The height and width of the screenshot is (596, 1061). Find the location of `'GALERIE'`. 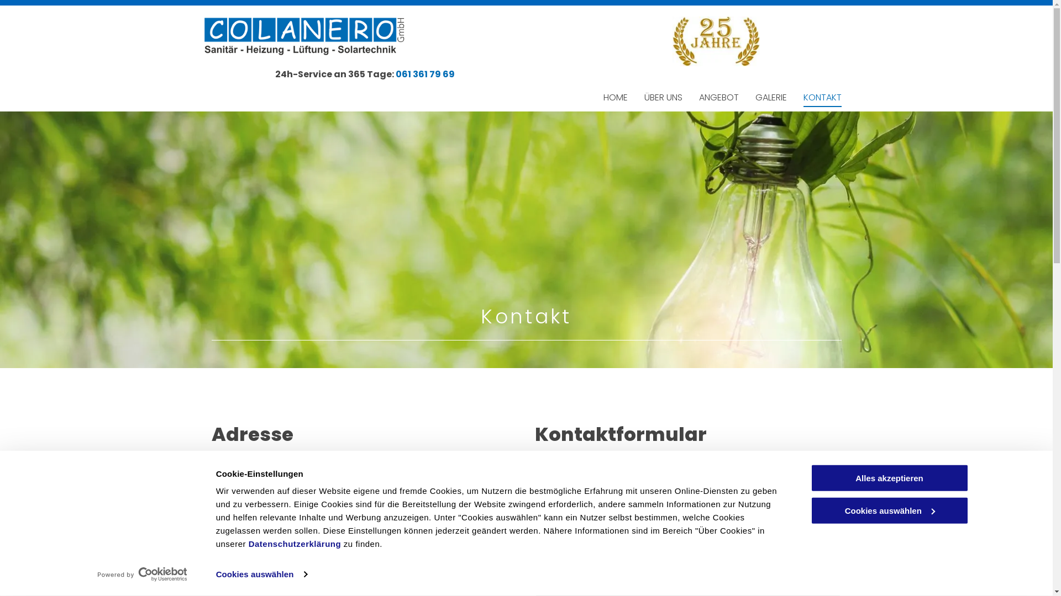

'GALERIE' is located at coordinates (770, 97).